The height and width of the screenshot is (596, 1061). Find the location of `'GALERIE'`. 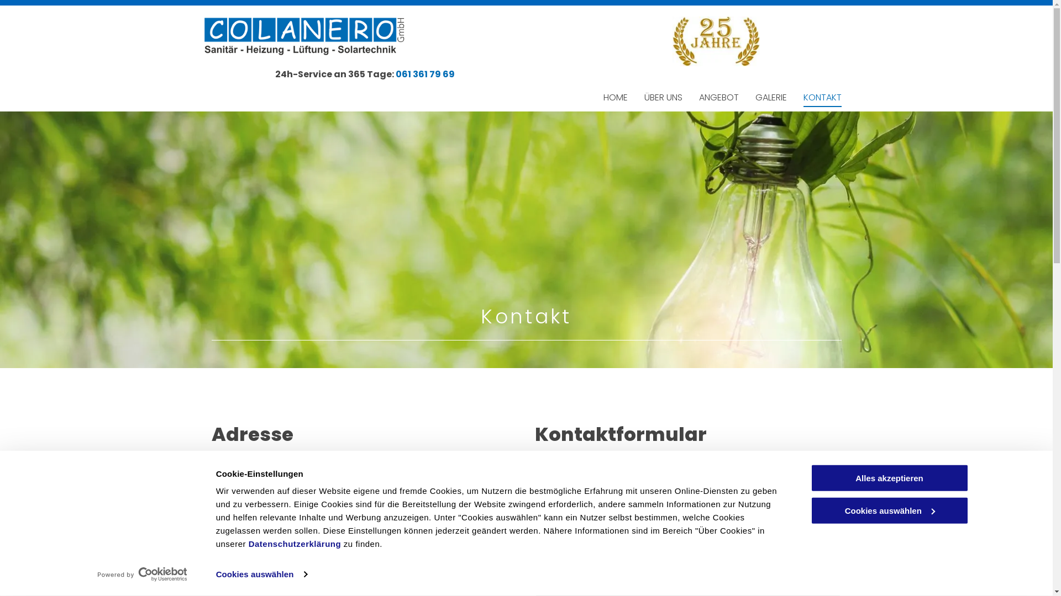

'GALERIE' is located at coordinates (770, 97).